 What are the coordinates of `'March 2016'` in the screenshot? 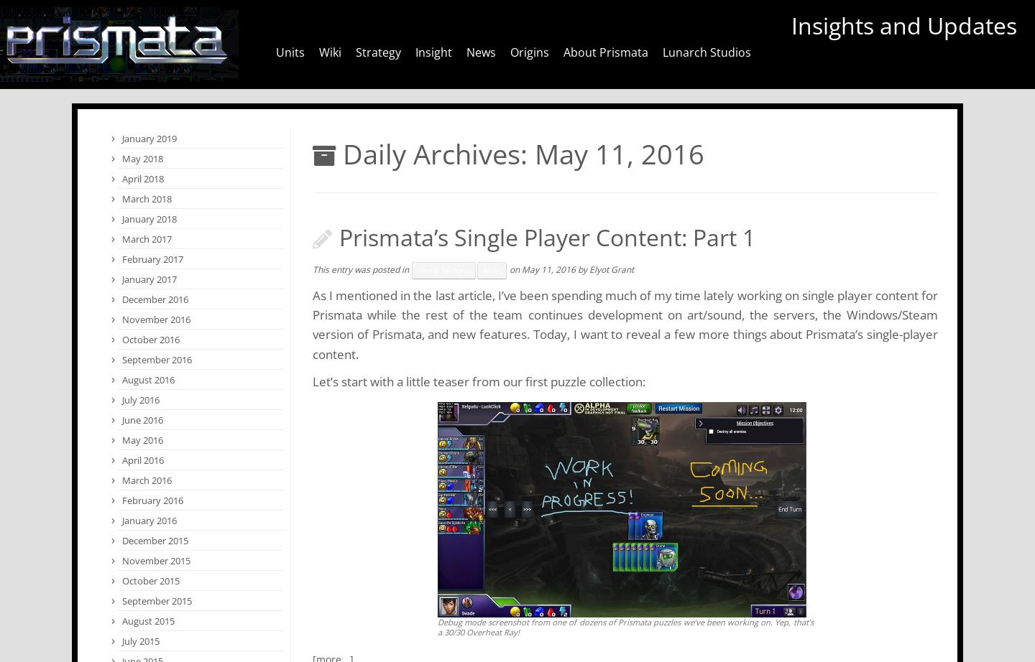 It's located at (147, 480).